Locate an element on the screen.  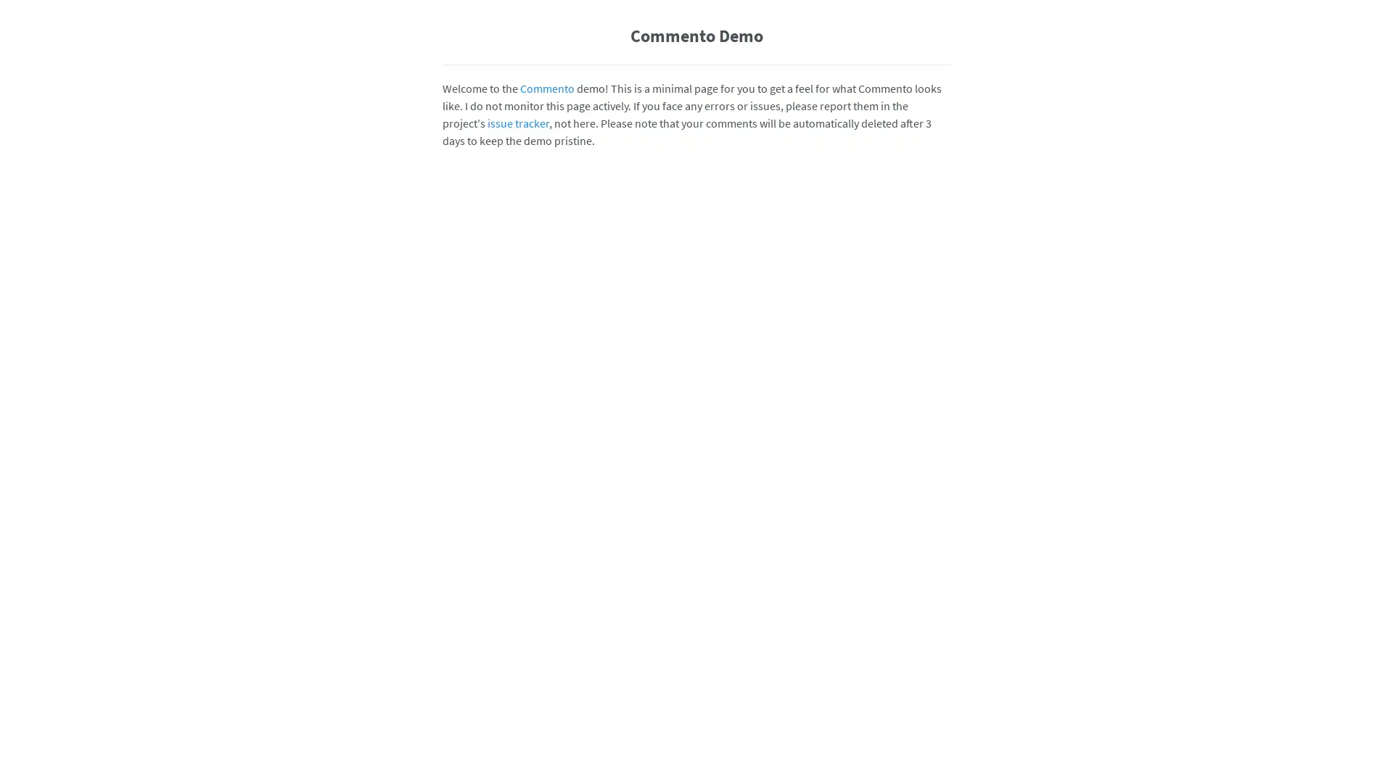
Downvote is located at coordinates (917, 525).